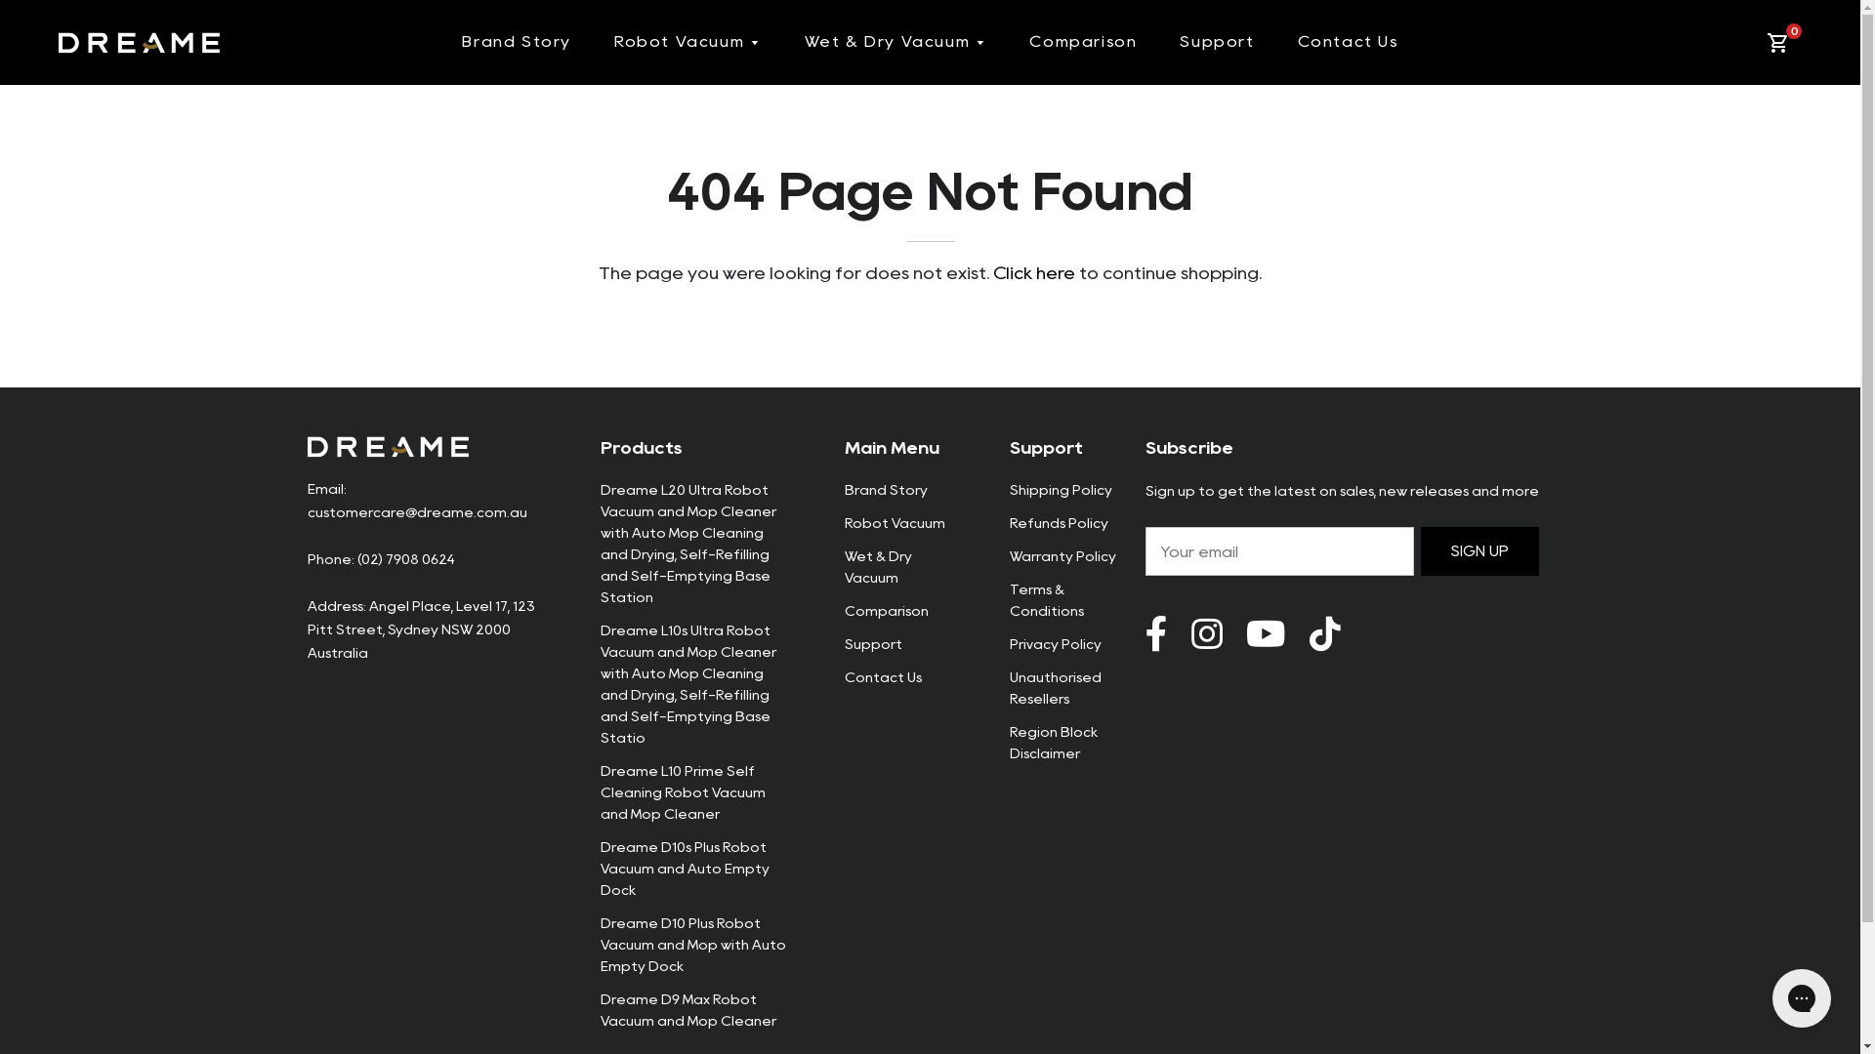  I want to click on 'Dreame Technology Australia on YouTube', so click(1324, 634).